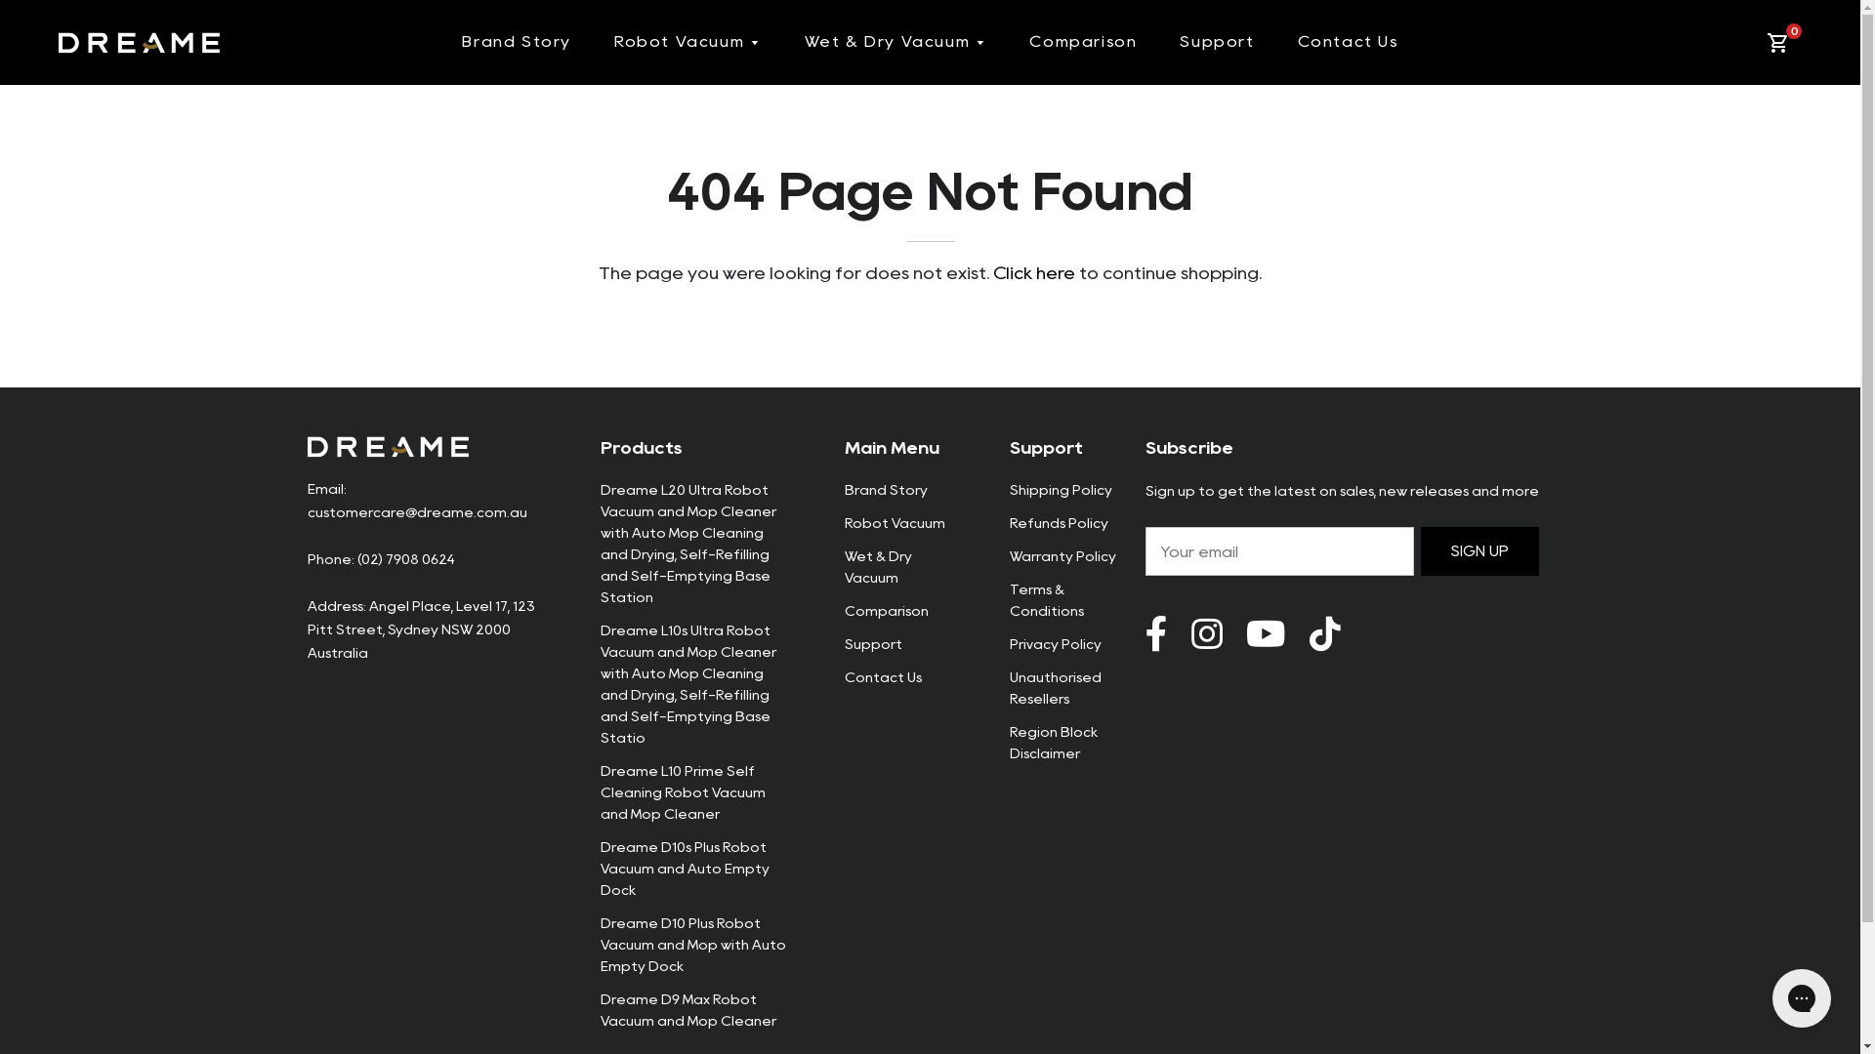  I want to click on 'Dreame Technology Australia on YouTube', so click(1324, 634).